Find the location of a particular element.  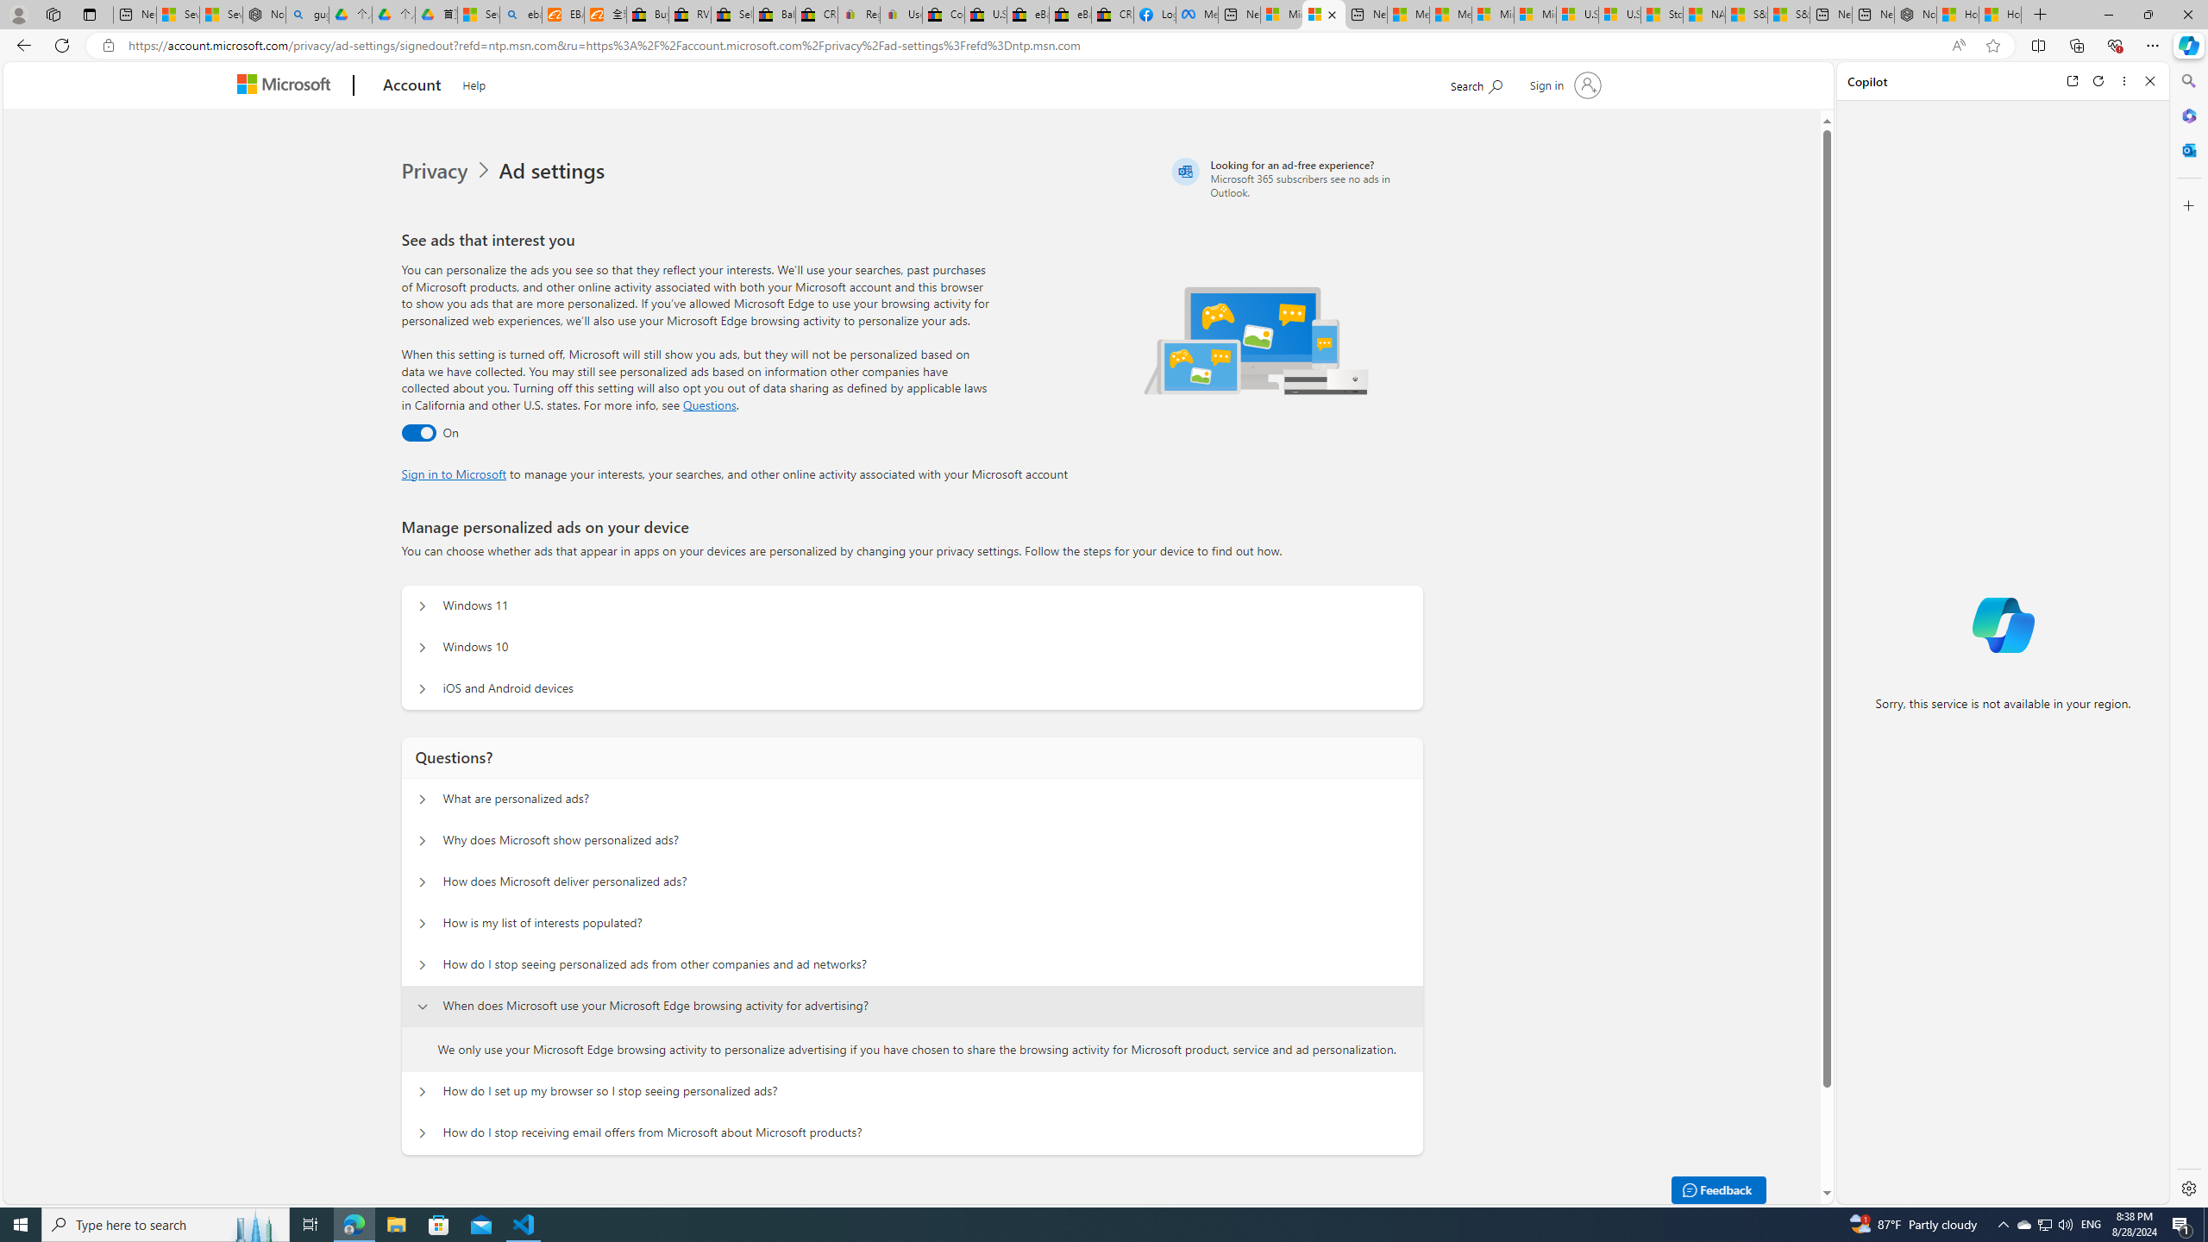

'Search Microsoft.com' is located at coordinates (1476, 83).